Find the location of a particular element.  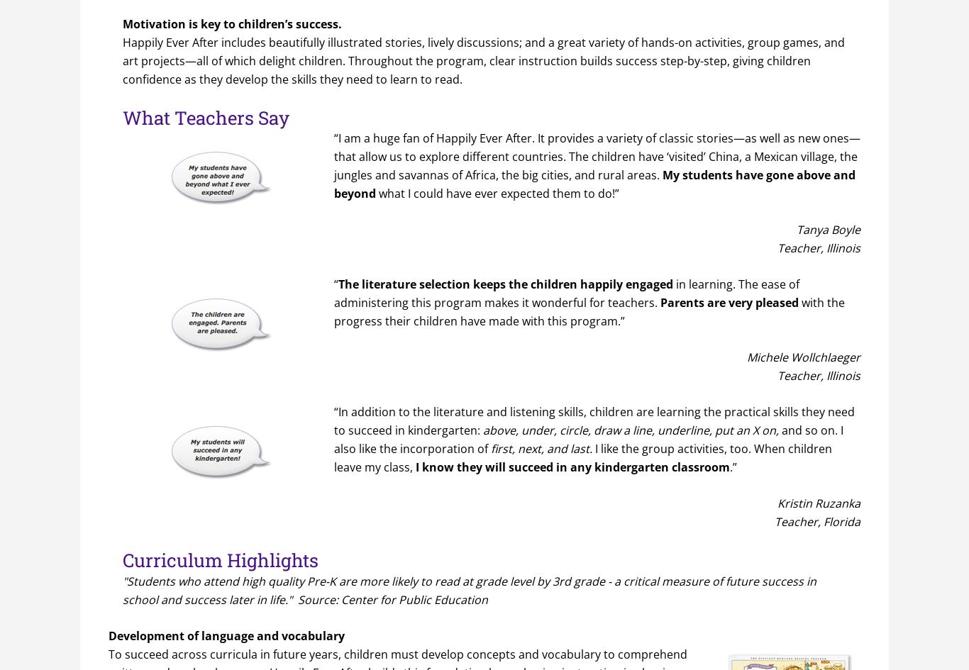

'.”' is located at coordinates (729, 467).